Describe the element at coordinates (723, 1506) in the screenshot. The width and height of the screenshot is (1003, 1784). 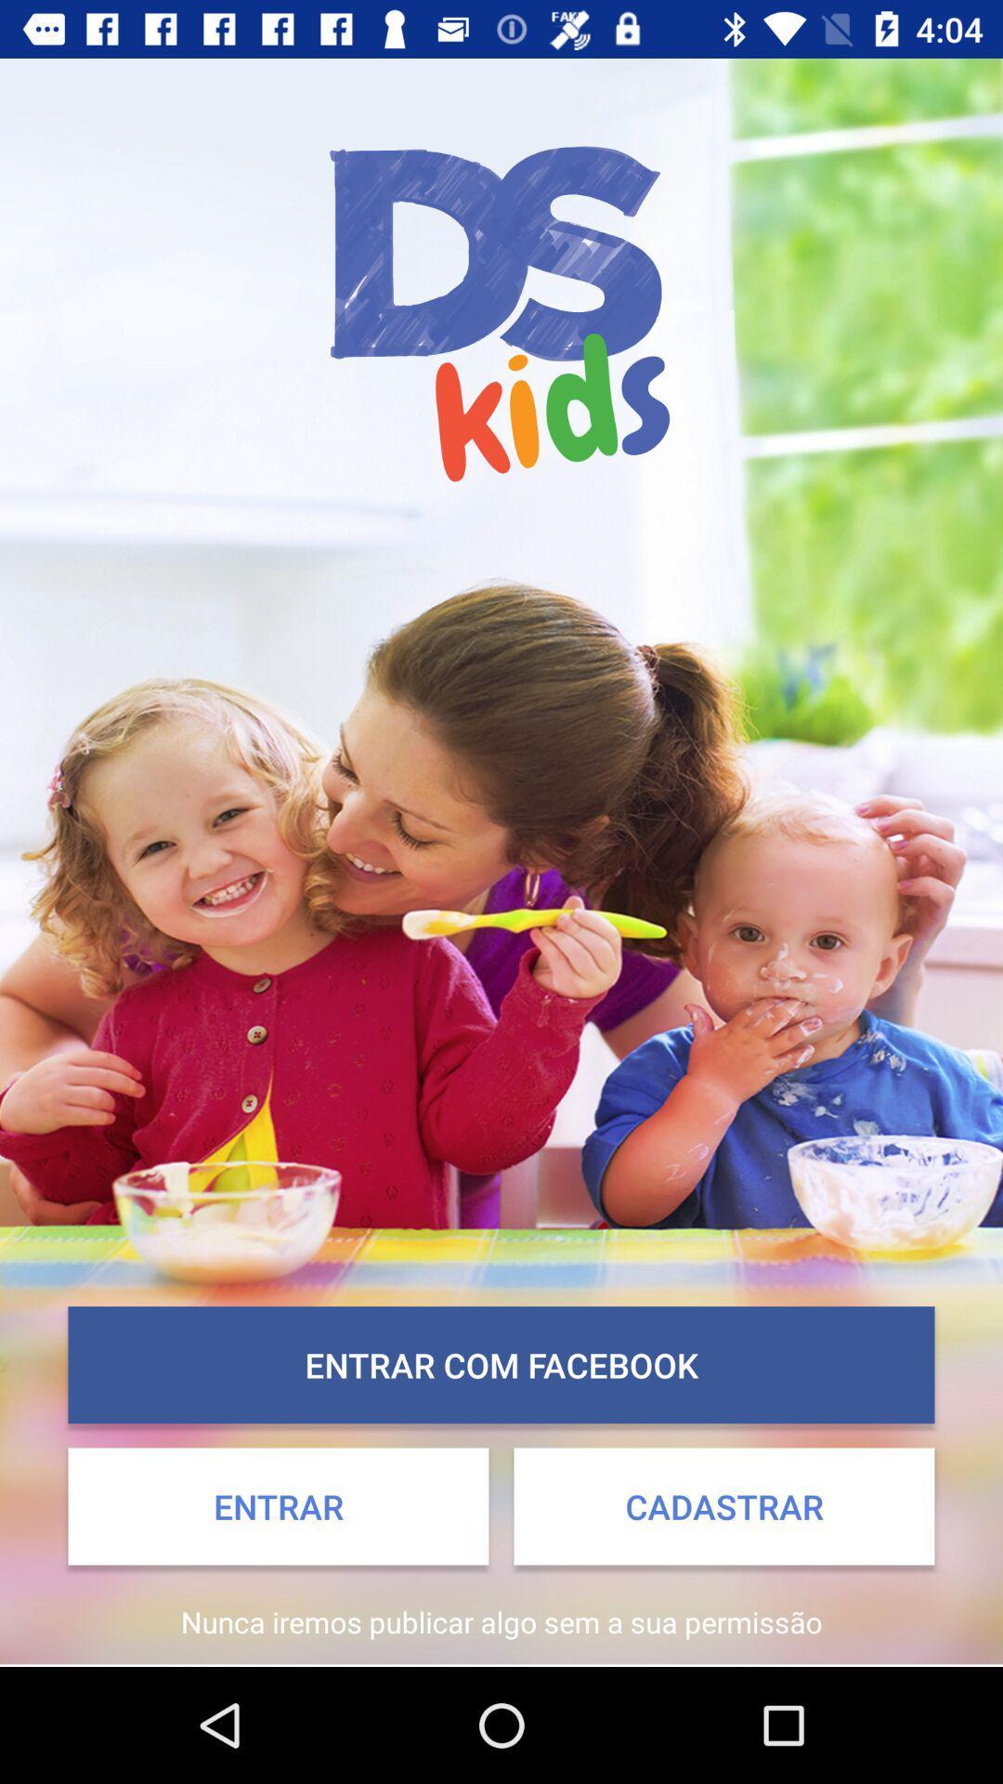
I see `the button below the entrar com facebook button` at that location.